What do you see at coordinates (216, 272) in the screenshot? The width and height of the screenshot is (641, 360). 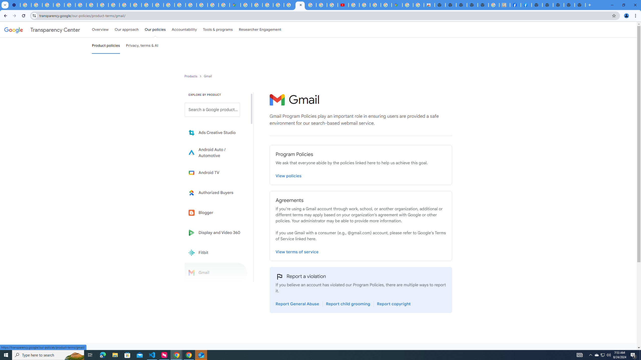 I see `'Gmail'` at bounding box center [216, 272].